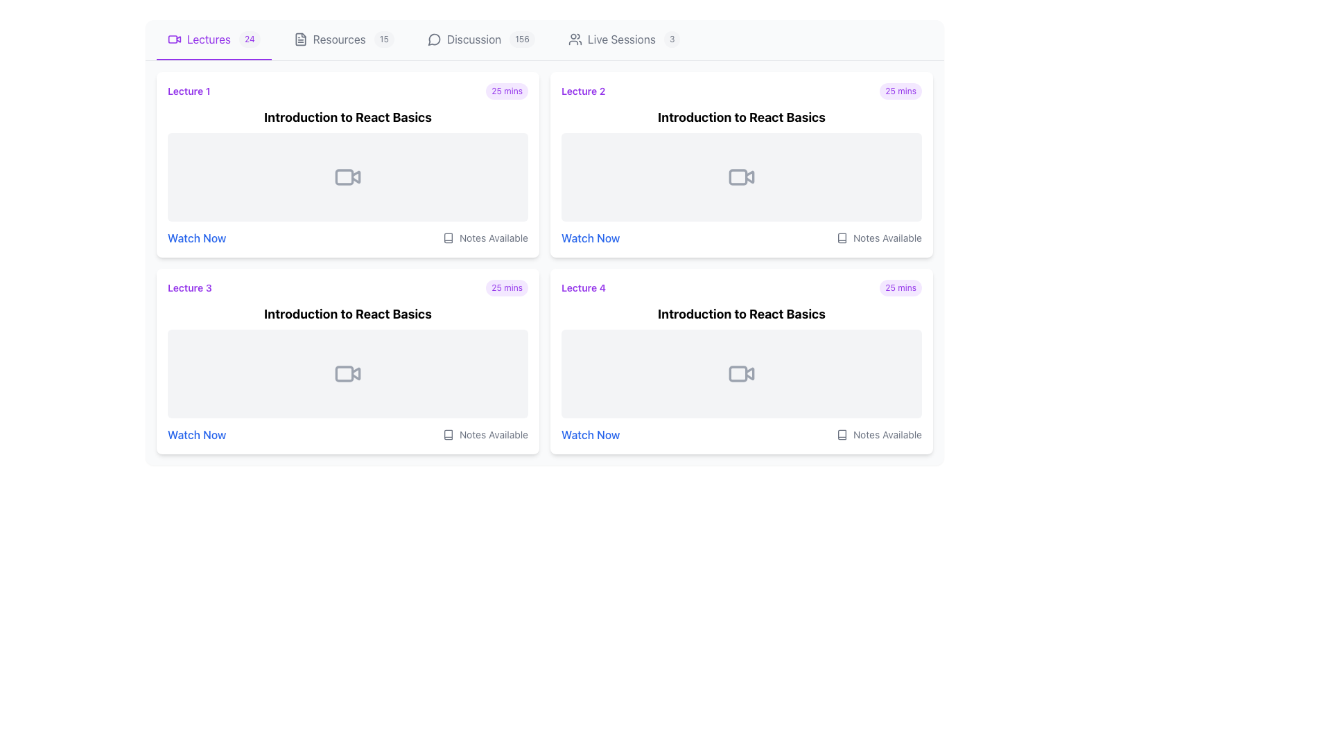  Describe the element at coordinates (433, 39) in the screenshot. I see `the circular speech bubble icon located in the navigation bar, representing discussions, to the left of the 'Discussion' label` at that location.